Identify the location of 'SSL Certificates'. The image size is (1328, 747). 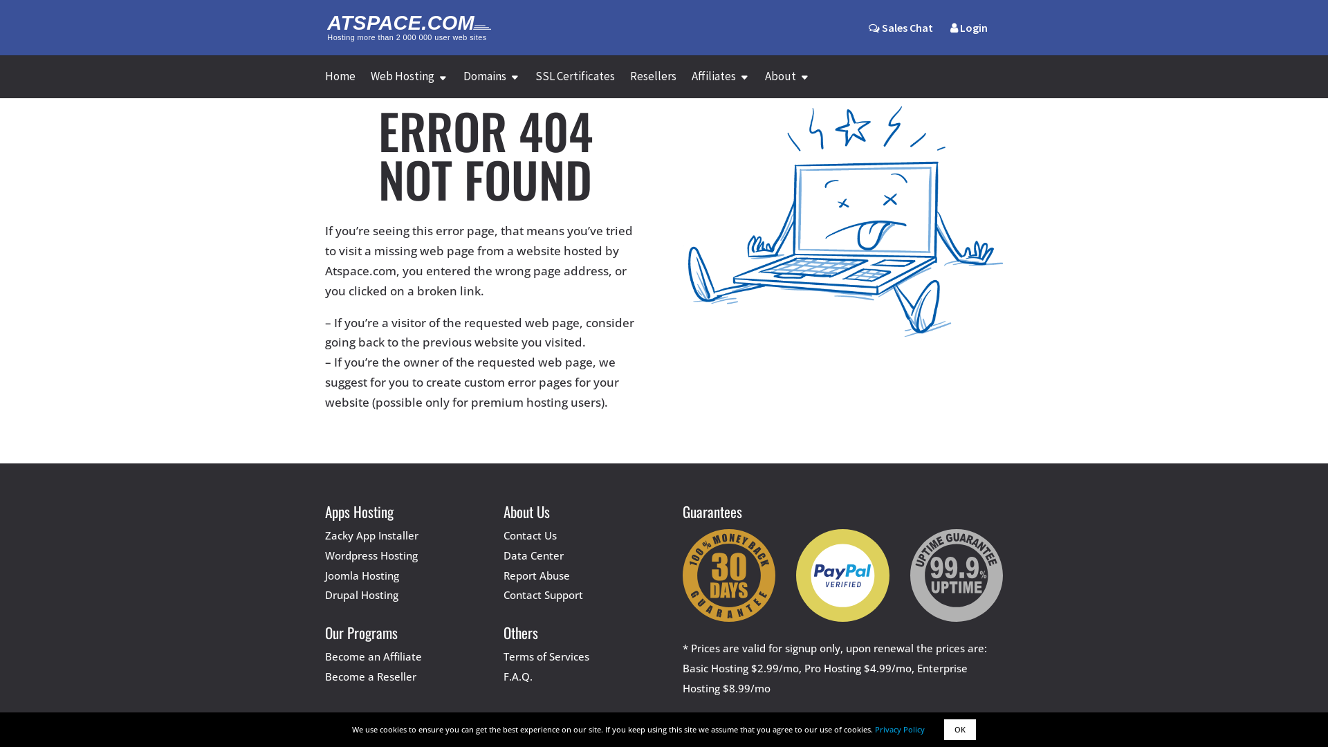
(534, 84).